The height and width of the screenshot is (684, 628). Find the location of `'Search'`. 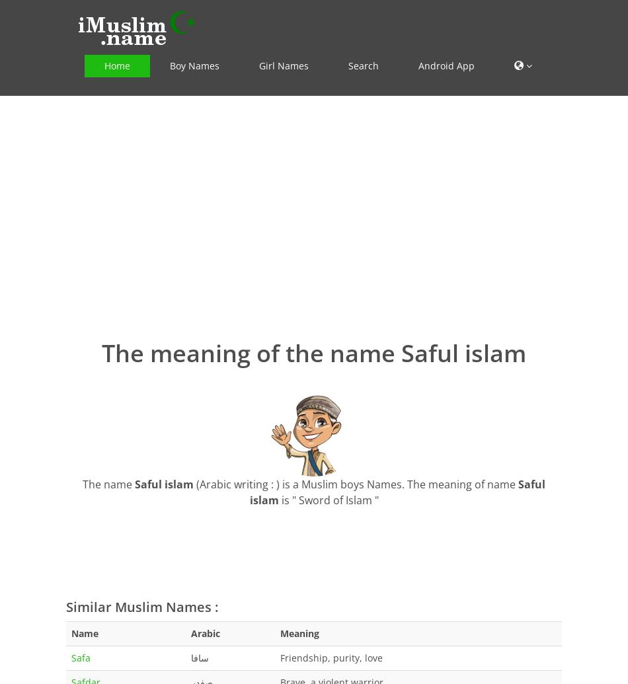

'Search' is located at coordinates (363, 65).